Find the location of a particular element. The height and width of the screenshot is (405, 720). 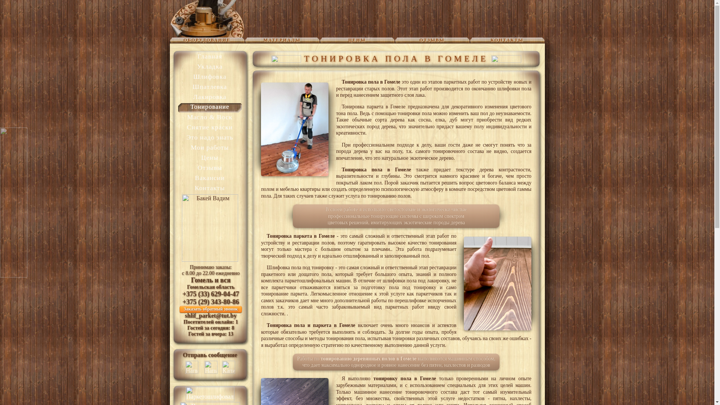

'+375 (33) 629-04-47' is located at coordinates (210, 293).